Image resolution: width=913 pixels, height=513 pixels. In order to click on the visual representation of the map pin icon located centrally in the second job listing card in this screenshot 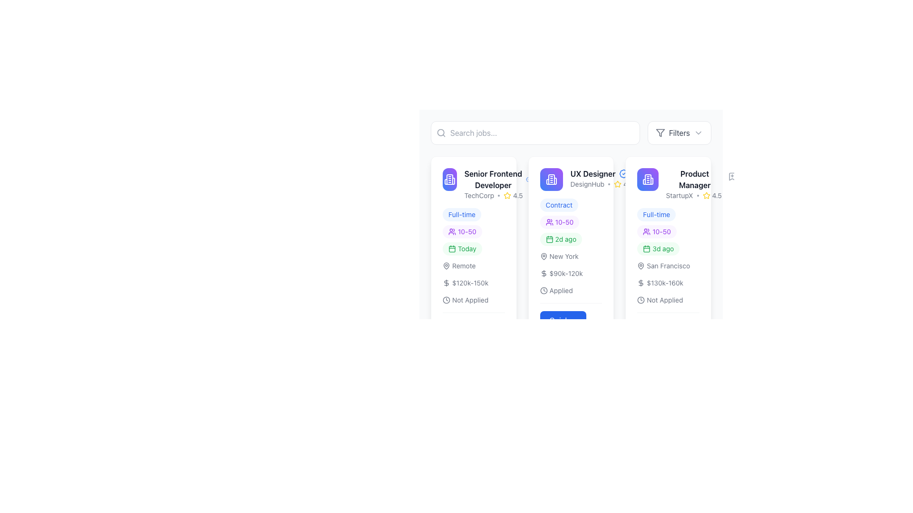, I will do `click(544, 256)`.